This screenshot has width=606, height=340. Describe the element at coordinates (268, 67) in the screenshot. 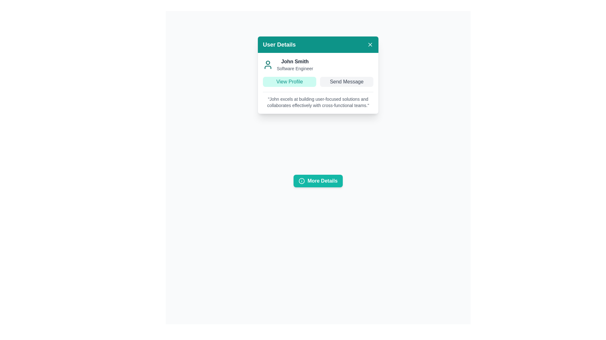

I see `the lower part of the user profile SVG icon, which represents the shoulders of the user figure` at that location.